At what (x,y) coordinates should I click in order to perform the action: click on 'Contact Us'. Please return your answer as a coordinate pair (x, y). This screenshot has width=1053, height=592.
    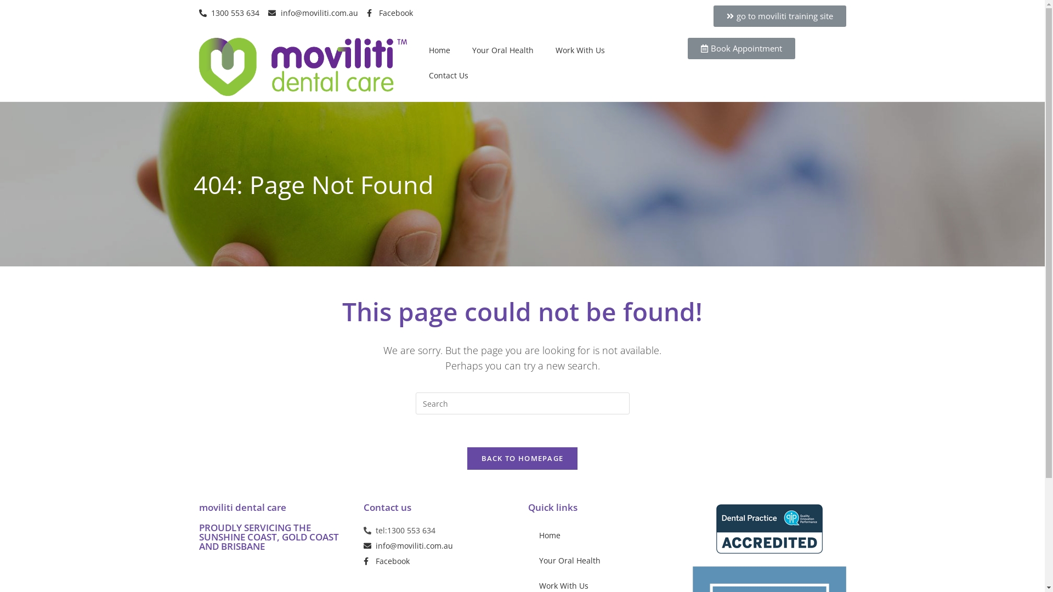
    Looking at the image, I should click on (448, 75).